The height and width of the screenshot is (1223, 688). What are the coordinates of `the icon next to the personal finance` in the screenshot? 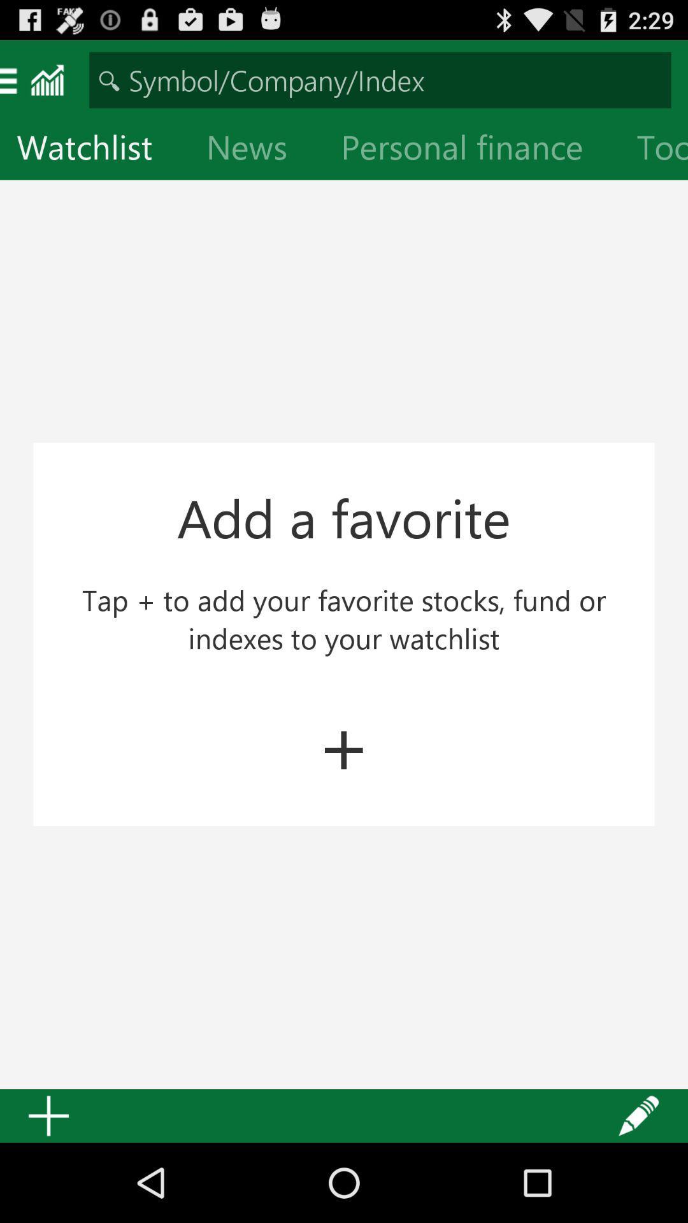 It's located at (654, 150).